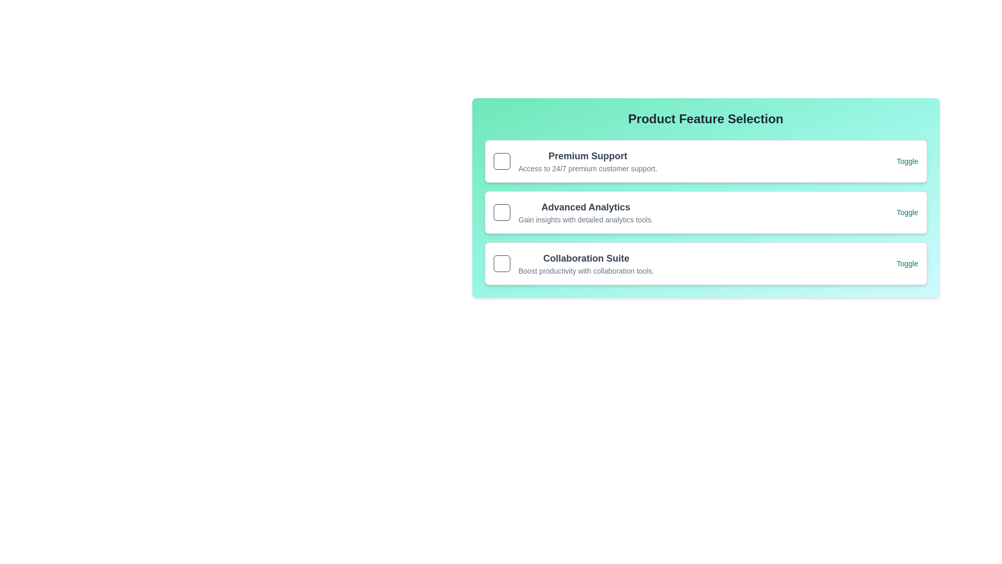 This screenshot has width=1002, height=564. What do you see at coordinates (586, 212) in the screenshot?
I see `the 'Advanced Analytics' Text Block, which displays a title in bold and a description in lighter font, located between 'Premium Support' and 'Collaboration Suite'` at bounding box center [586, 212].